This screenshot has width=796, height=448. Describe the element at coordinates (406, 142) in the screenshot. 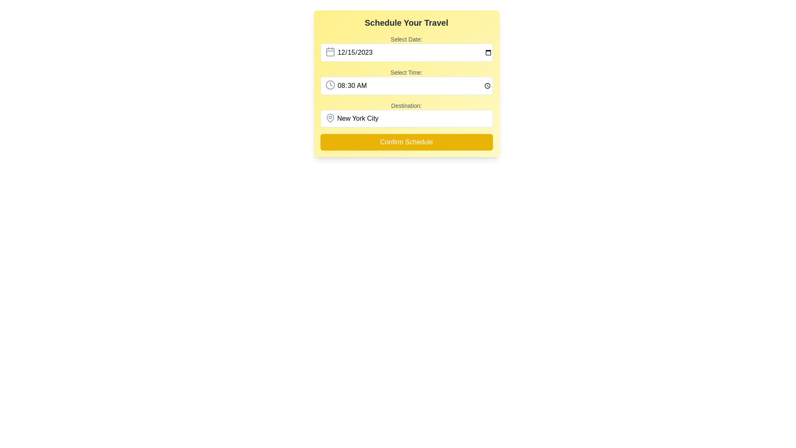

I see `the confirm schedule button located at the bottom of the scheduling form` at that location.